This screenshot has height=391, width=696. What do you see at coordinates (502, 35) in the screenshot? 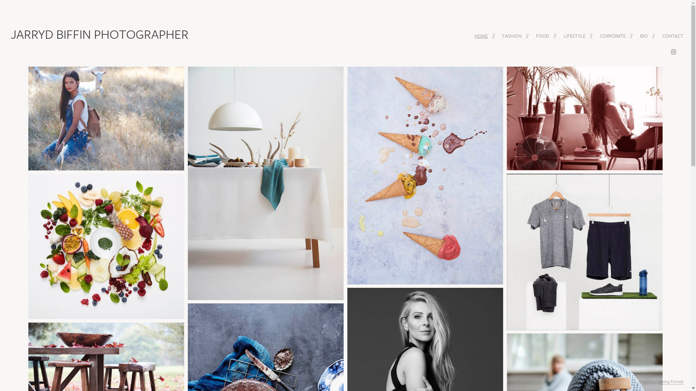
I see `'FASHION'` at bounding box center [502, 35].